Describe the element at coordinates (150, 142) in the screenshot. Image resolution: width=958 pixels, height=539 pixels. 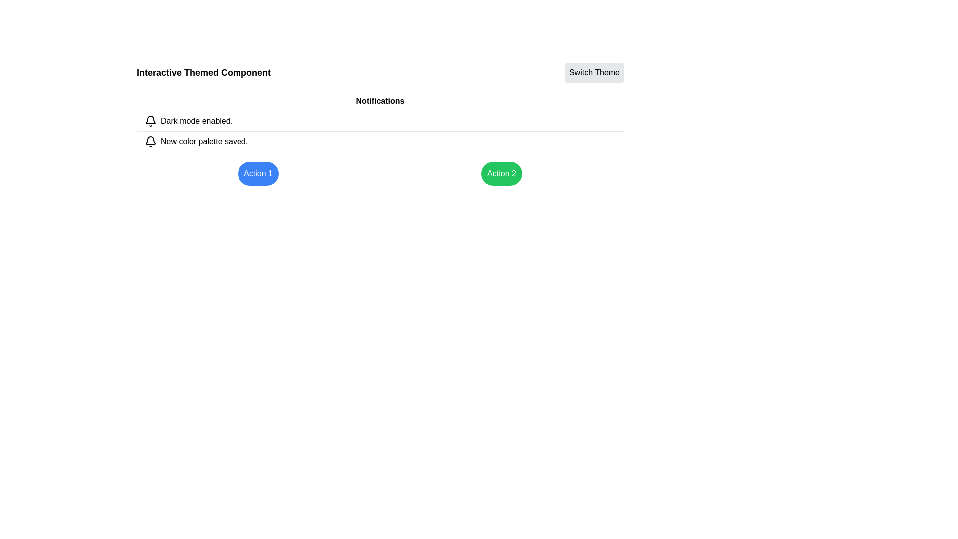
I see `the bell icon located at the left of the text 'New color palette saved.' in the notification bar for information` at that location.